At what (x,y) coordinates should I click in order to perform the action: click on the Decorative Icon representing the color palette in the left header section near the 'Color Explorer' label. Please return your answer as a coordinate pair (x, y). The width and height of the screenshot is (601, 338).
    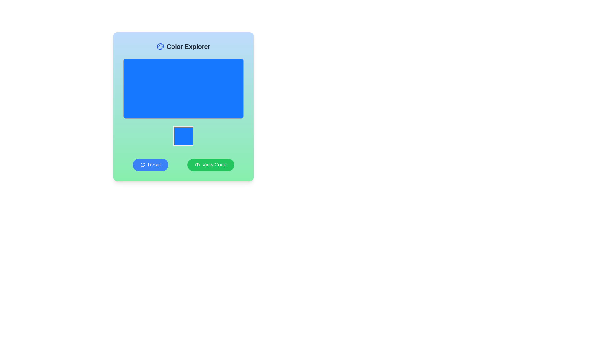
    Looking at the image, I should click on (160, 46).